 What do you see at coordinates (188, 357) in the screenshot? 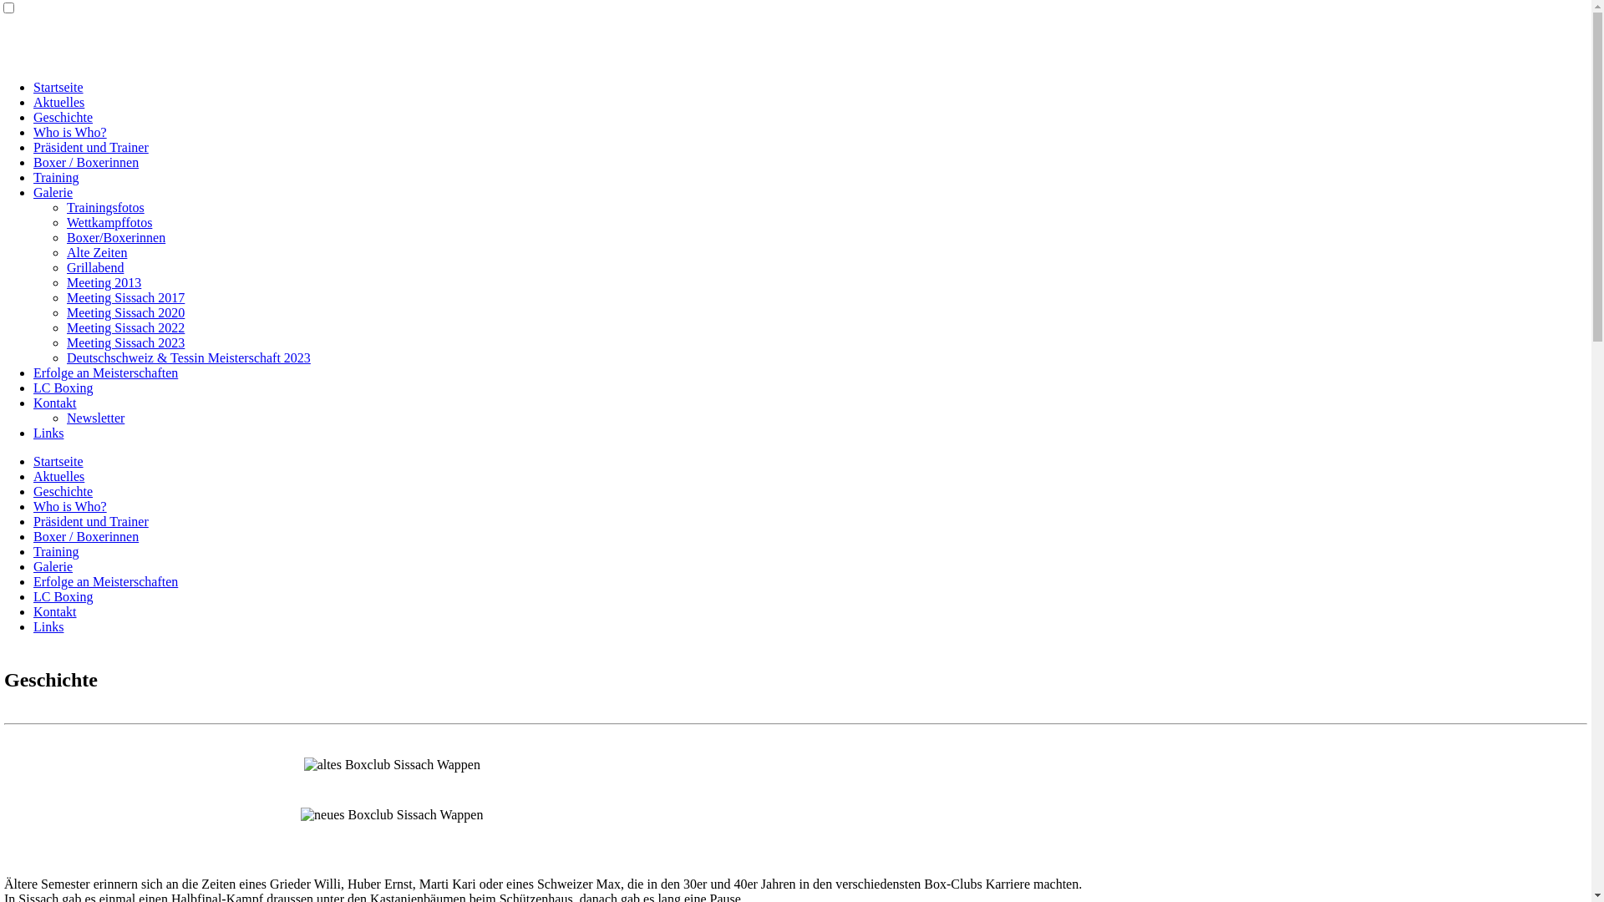
I see `'Deutschschweiz & Tessin Meisterschaft 2023'` at bounding box center [188, 357].